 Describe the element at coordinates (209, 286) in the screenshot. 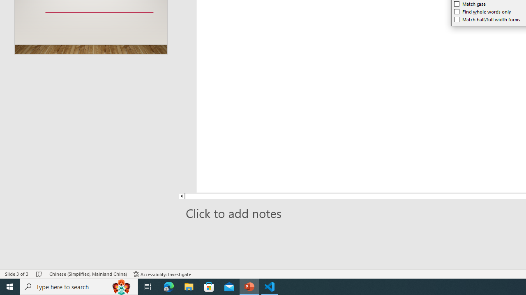

I see `'Microsoft Store'` at that location.